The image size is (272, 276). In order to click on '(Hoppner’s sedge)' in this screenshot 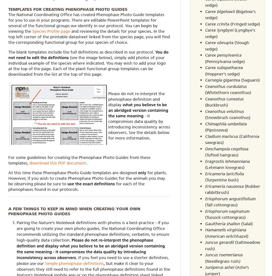, I will do `click(222, 74)`.